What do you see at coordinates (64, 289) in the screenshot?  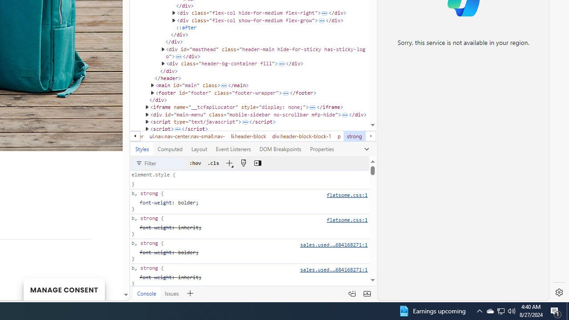 I see `'MANAGE CONSENT'` at bounding box center [64, 289].